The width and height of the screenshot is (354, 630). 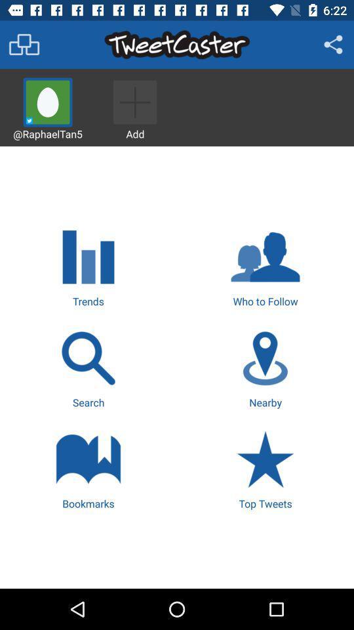 What do you see at coordinates (47, 102) in the screenshot?
I see `white egg icon which is above raphaeltan5` at bounding box center [47, 102].